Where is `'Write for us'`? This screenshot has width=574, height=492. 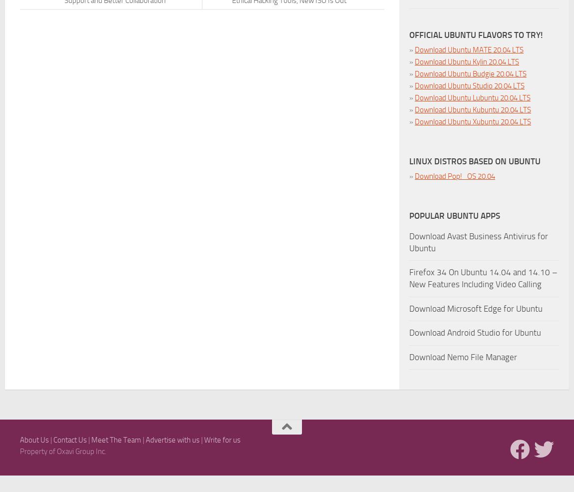
'Write for us' is located at coordinates (204, 439).